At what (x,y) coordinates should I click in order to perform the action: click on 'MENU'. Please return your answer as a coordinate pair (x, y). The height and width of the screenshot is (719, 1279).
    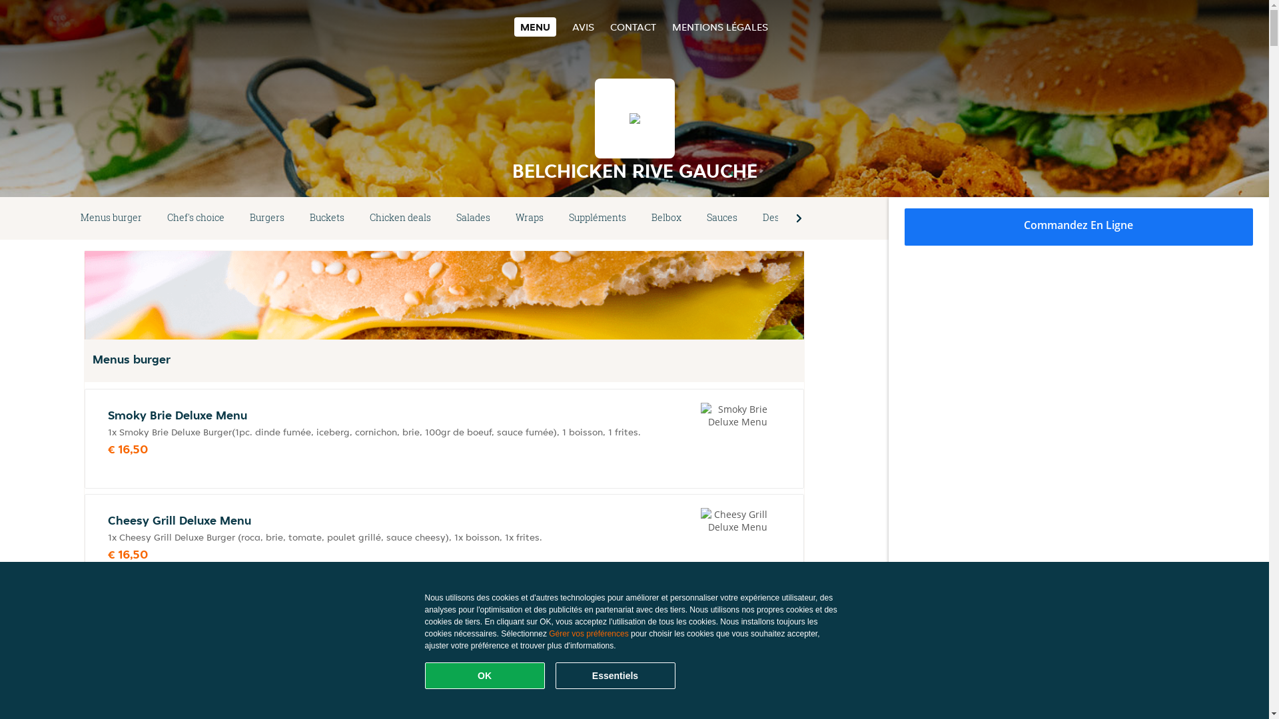
    Looking at the image, I should click on (535, 27).